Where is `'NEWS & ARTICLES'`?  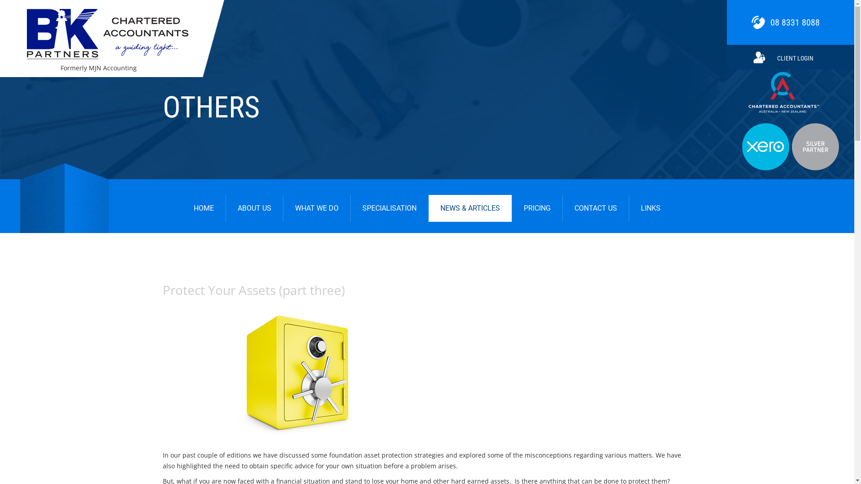
'NEWS & ARTICLES' is located at coordinates (428, 208).